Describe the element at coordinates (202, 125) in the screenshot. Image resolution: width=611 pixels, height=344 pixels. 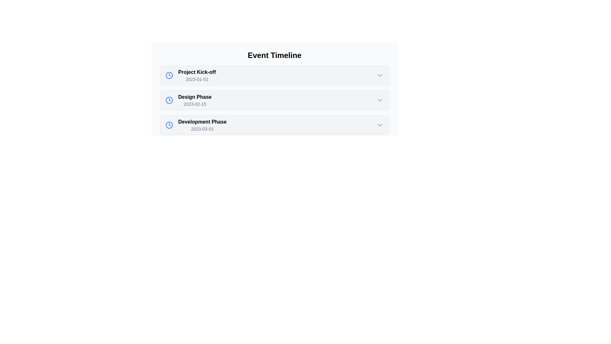
I see `the text block displaying the timeline event's title 'Development Phase' and its associated date '2023-03-01', which is the third item in the 'Event Timeline' list` at that location.